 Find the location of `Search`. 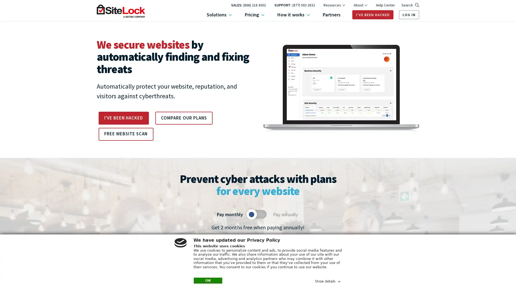

Search is located at coordinates (410, 5).